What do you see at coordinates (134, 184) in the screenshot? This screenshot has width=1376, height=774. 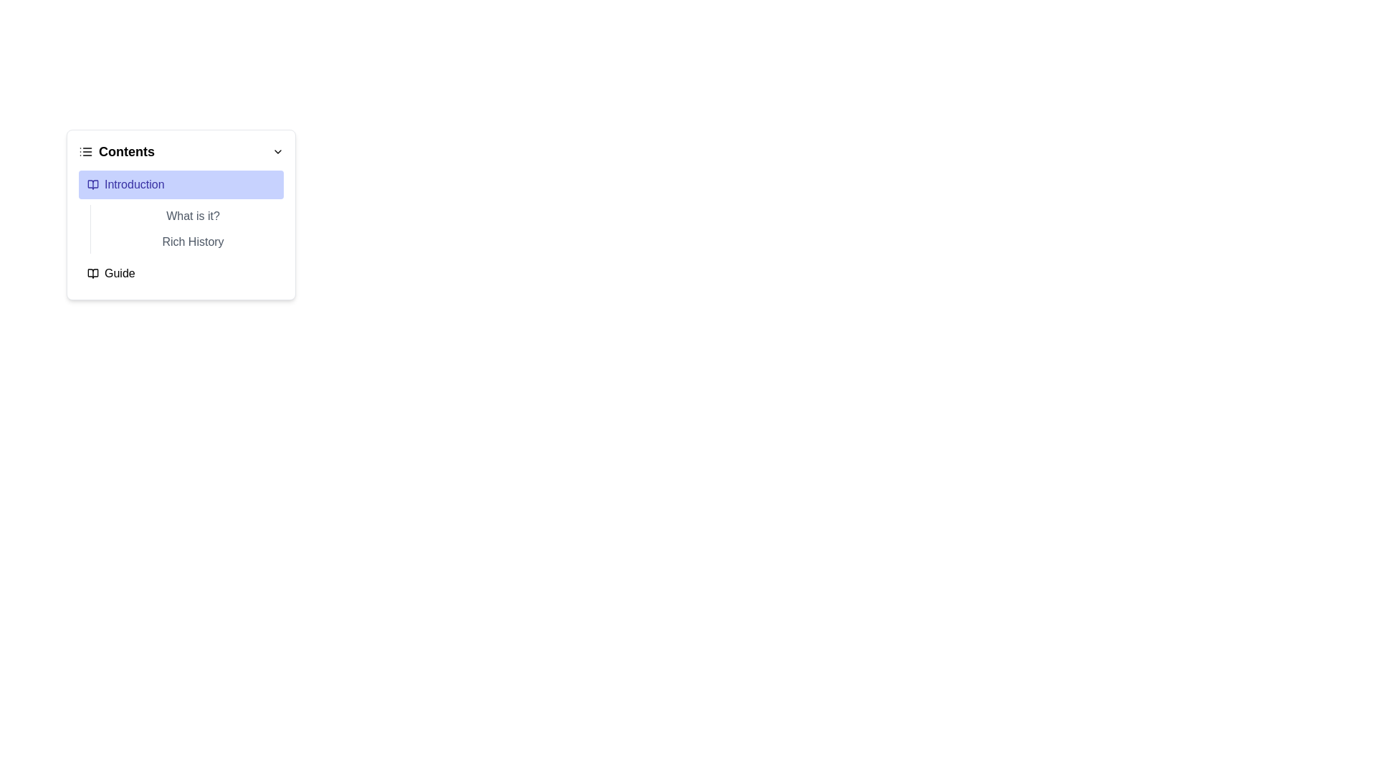 I see `the 'Introduction' text label in the sidebar menu under 'Contents'` at bounding box center [134, 184].